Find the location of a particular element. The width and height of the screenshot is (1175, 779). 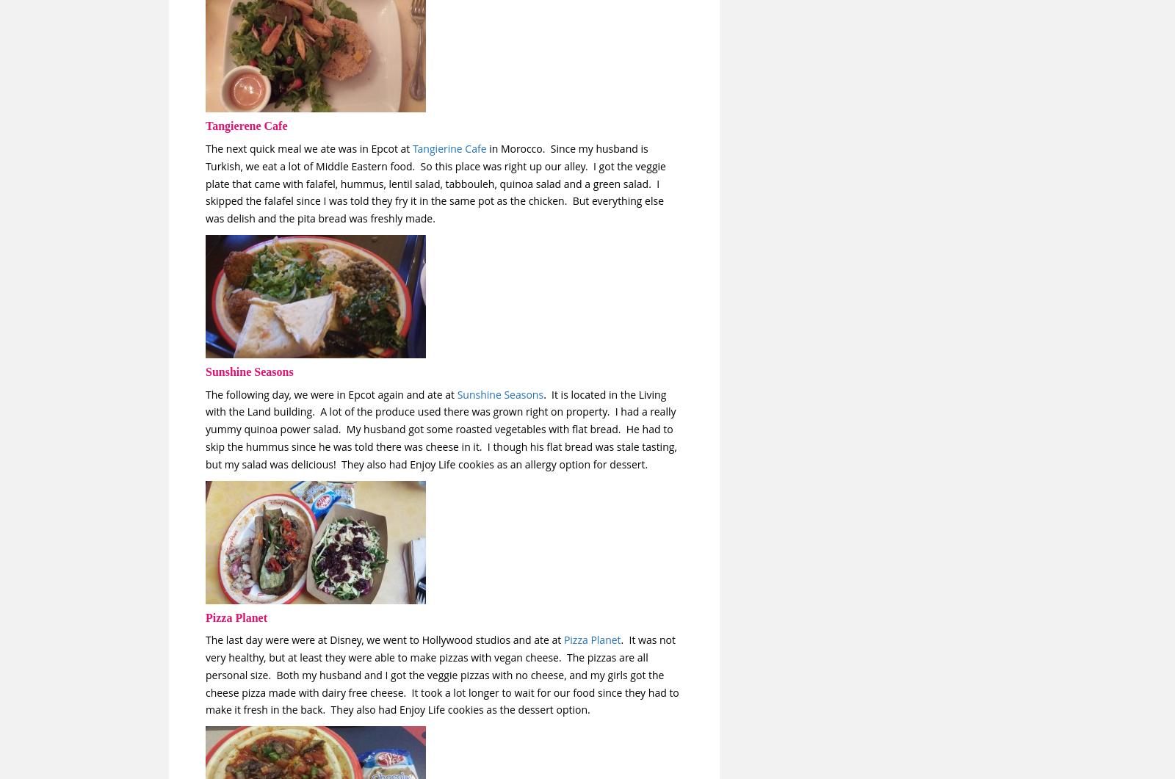

'Tangierene Cafe' is located at coordinates (246, 126).